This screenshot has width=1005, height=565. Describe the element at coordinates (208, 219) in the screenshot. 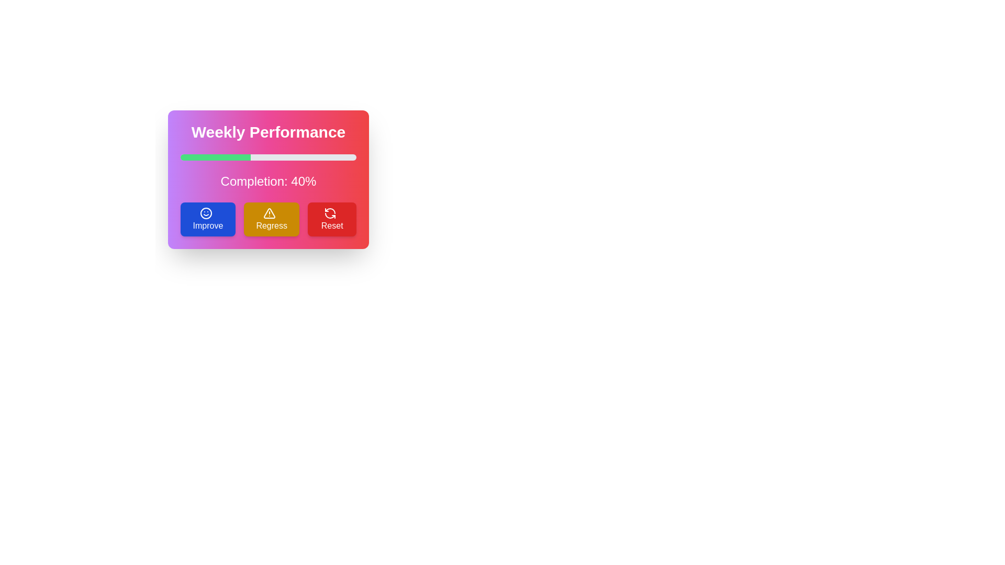

I see `the 'Improve' button, which is the first button in a horizontal group of three buttons located near the bottom of the 'Weekly Performance' panel` at that location.